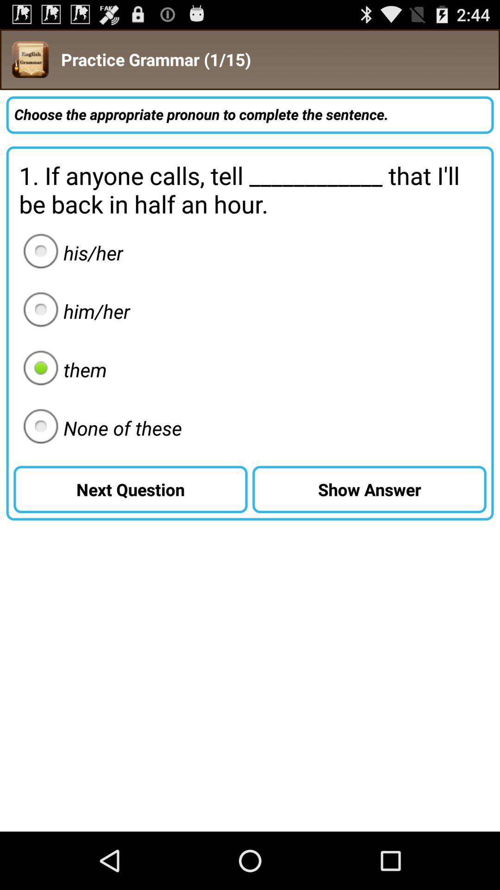  I want to click on item below the him/her, so click(62, 369).